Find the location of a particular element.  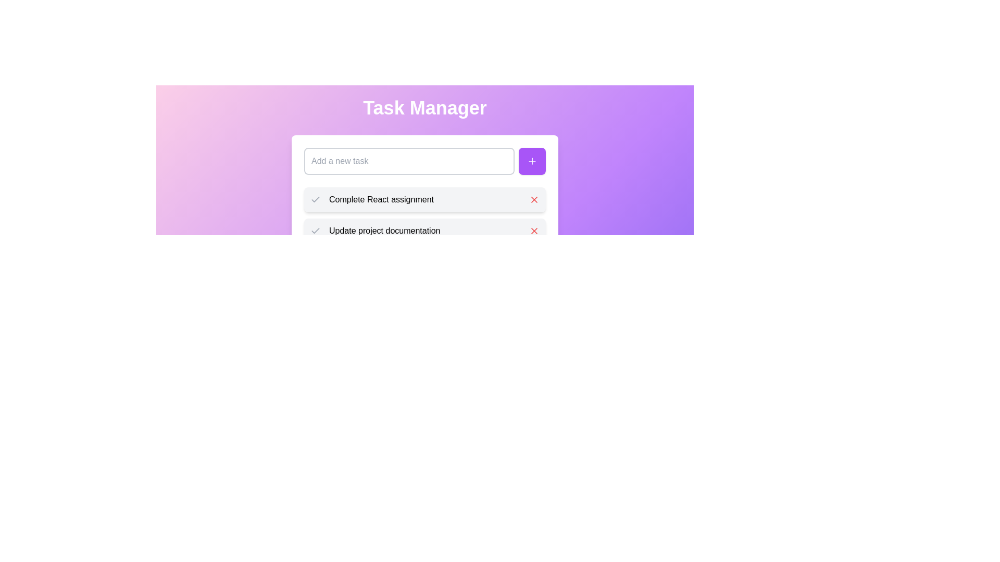

the delete button located to the right of the task description in the task card labeled 'Complete React assignment' is located at coordinates (534, 200).